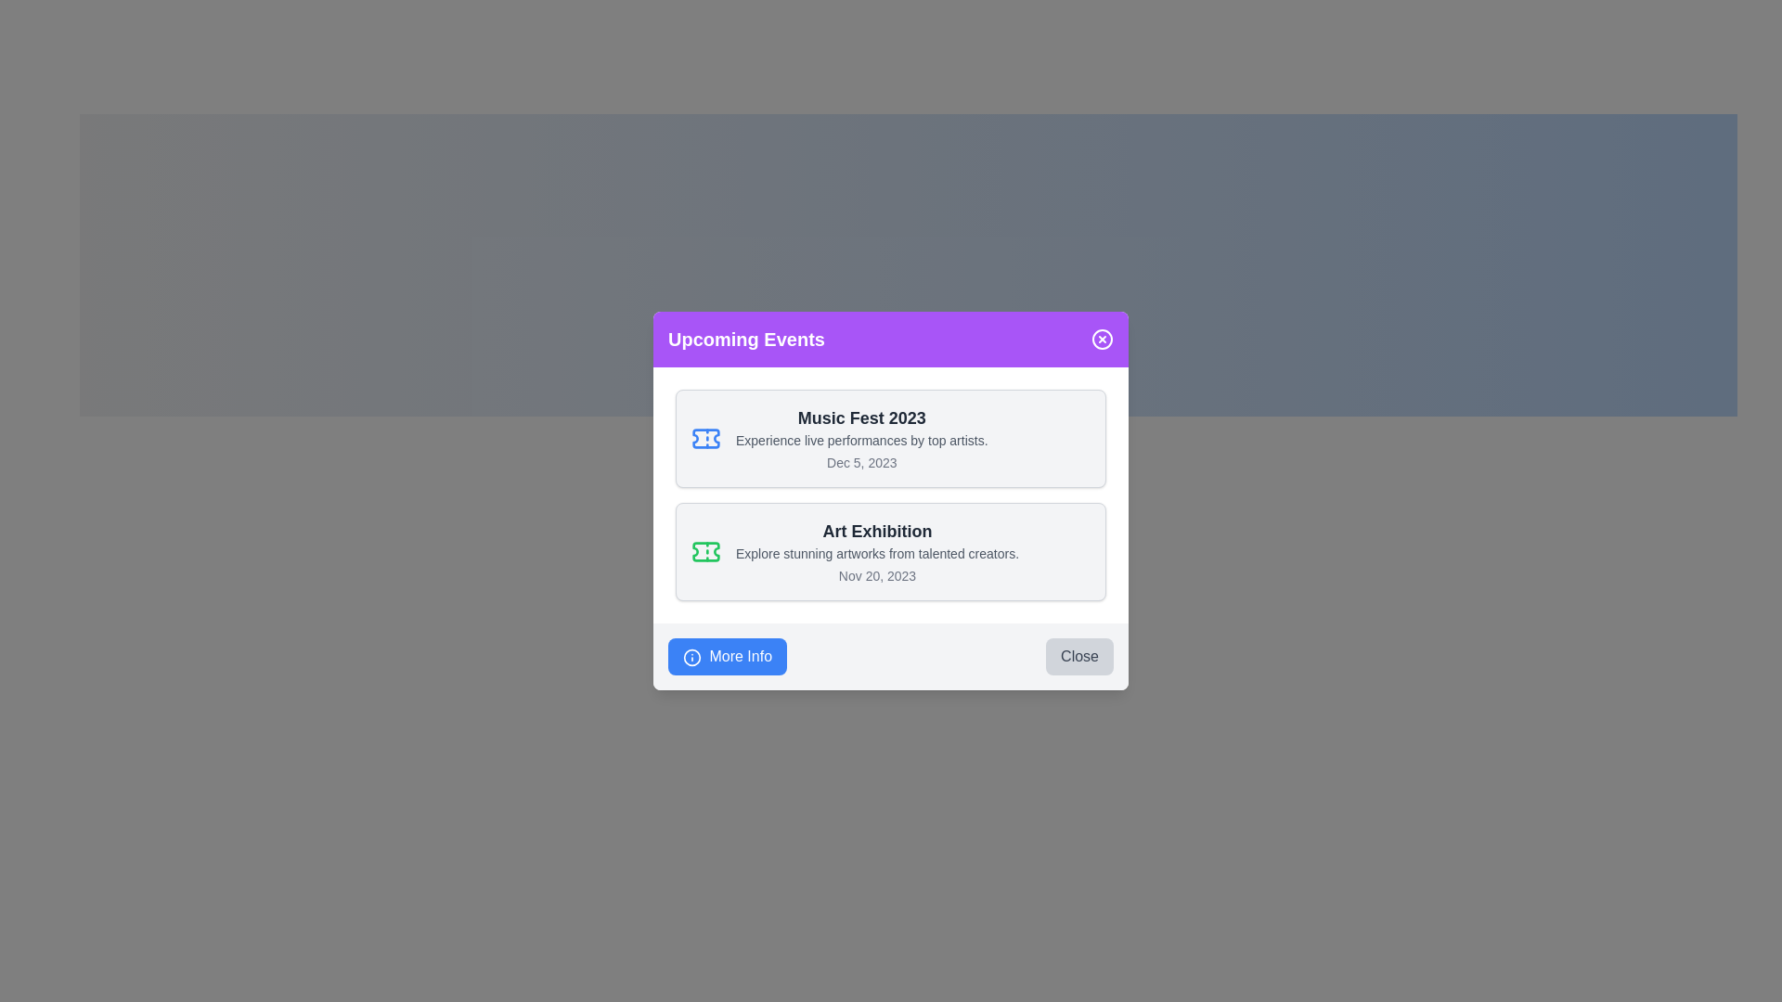 Image resolution: width=1782 pixels, height=1002 pixels. Describe the element at coordinates (876, 553) in the screenshot. I see `the descriptive subtitle static text for the 'Art Exhibition' event, which is positioned beneath the title and above the date` at that location.